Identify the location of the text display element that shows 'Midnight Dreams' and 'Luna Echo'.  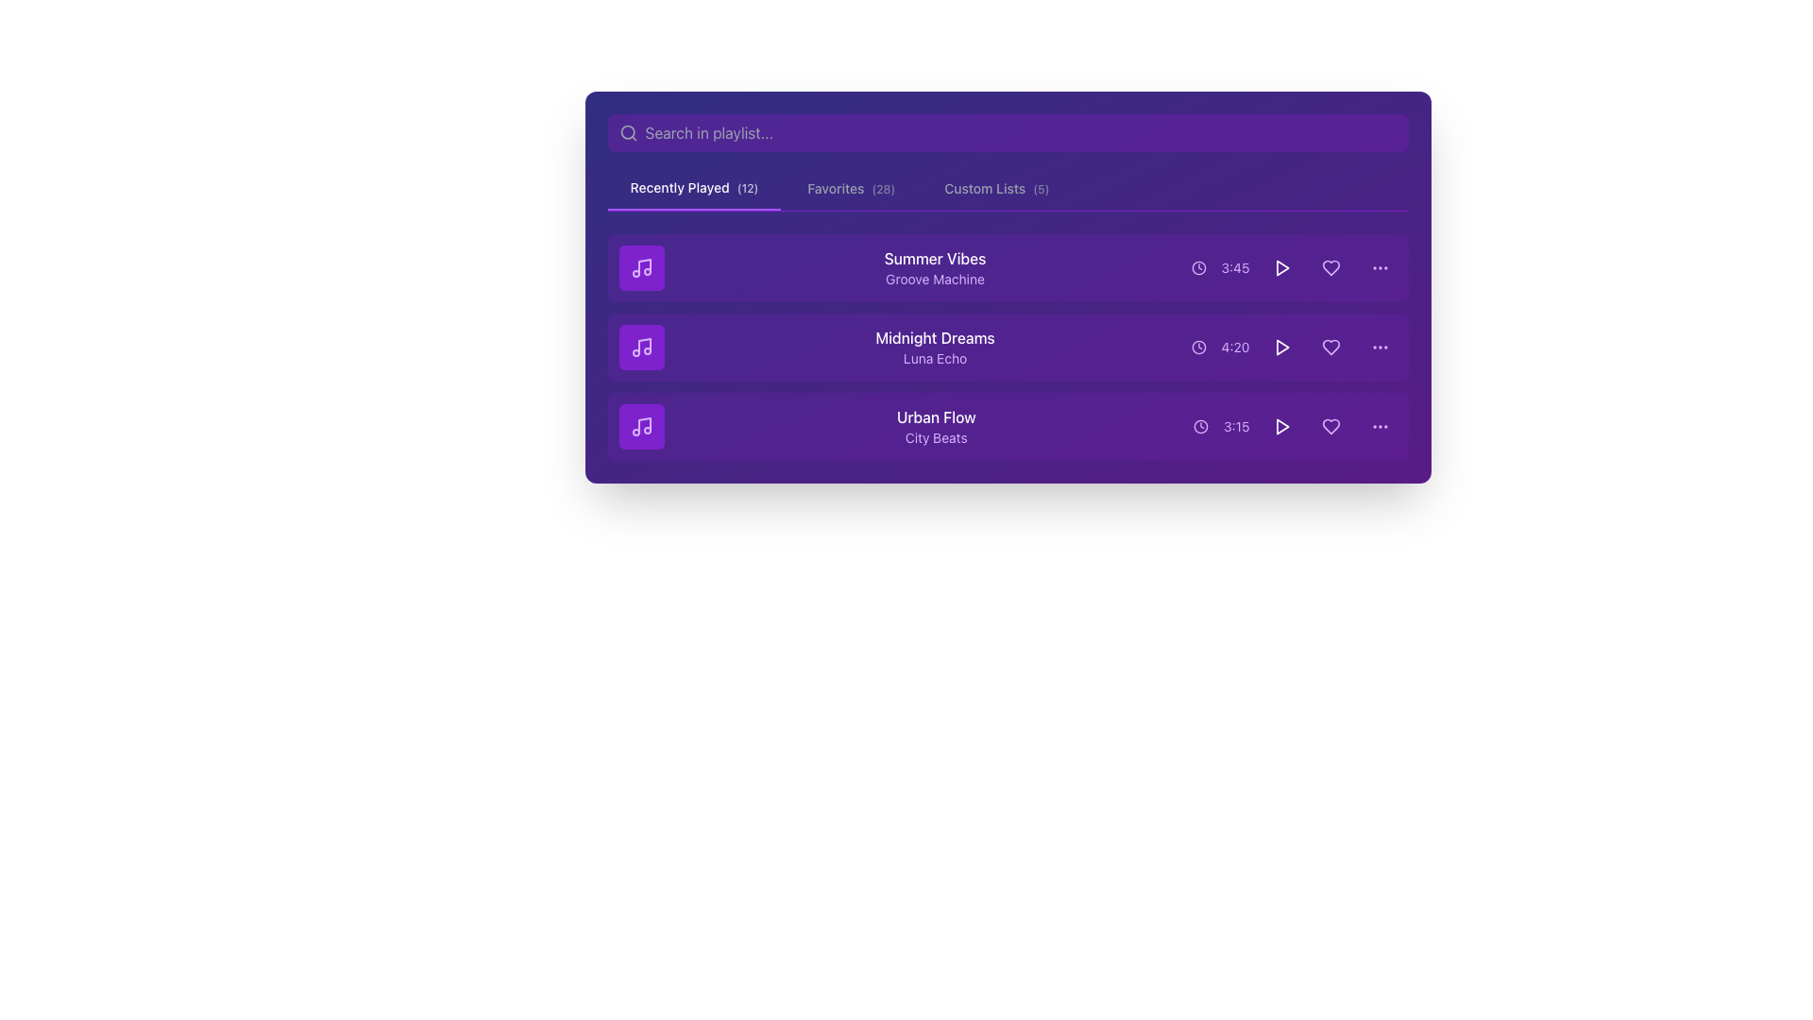
(935, 347).